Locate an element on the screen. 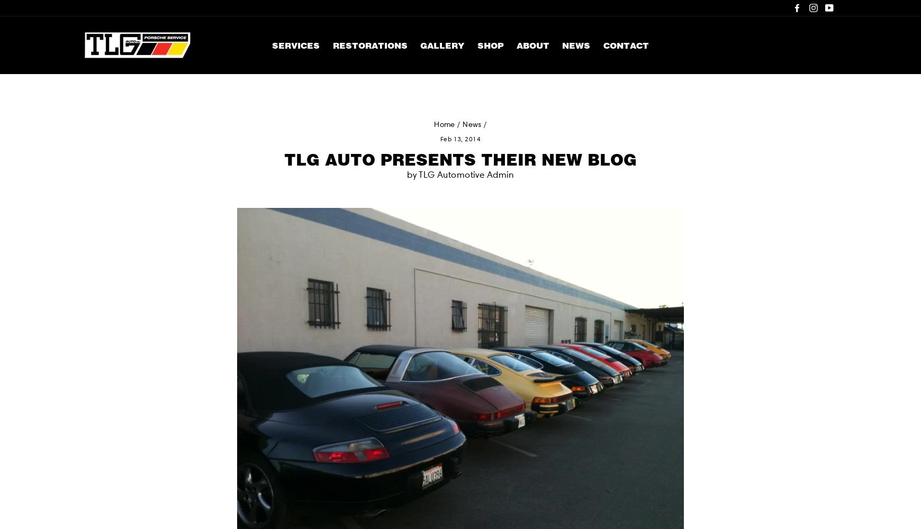 The image size is (921, 529). 'Restorations' is located at coordinates (369, 44).